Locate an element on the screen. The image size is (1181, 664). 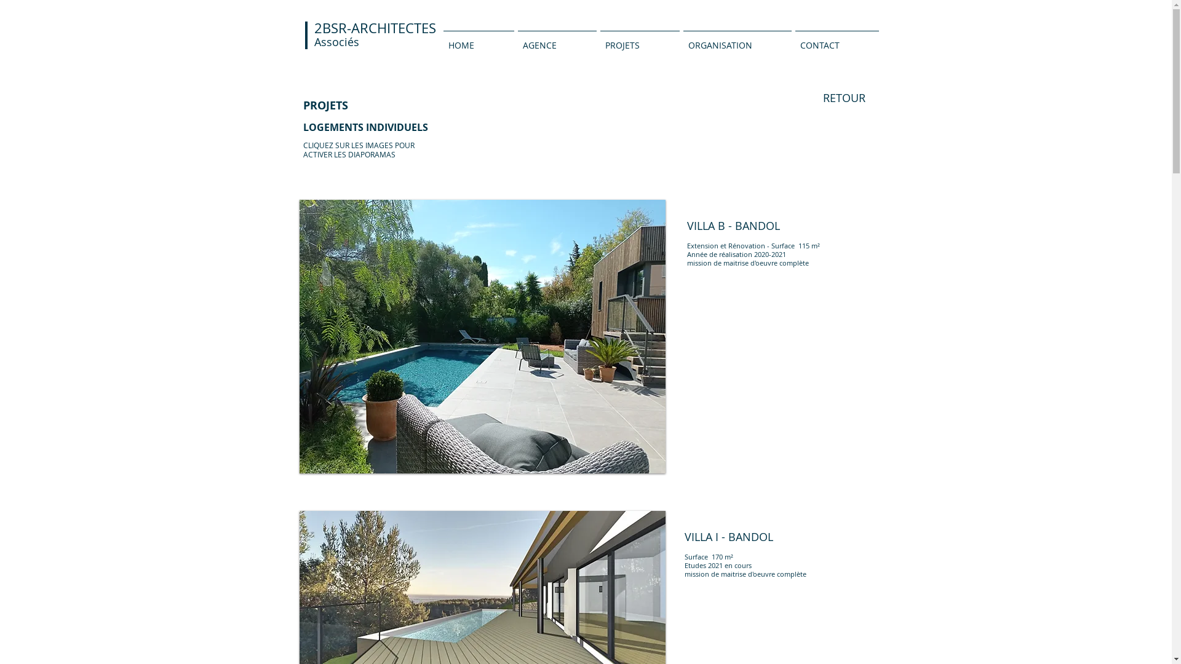
'RETOUR' is located at coordinates (843, 97).